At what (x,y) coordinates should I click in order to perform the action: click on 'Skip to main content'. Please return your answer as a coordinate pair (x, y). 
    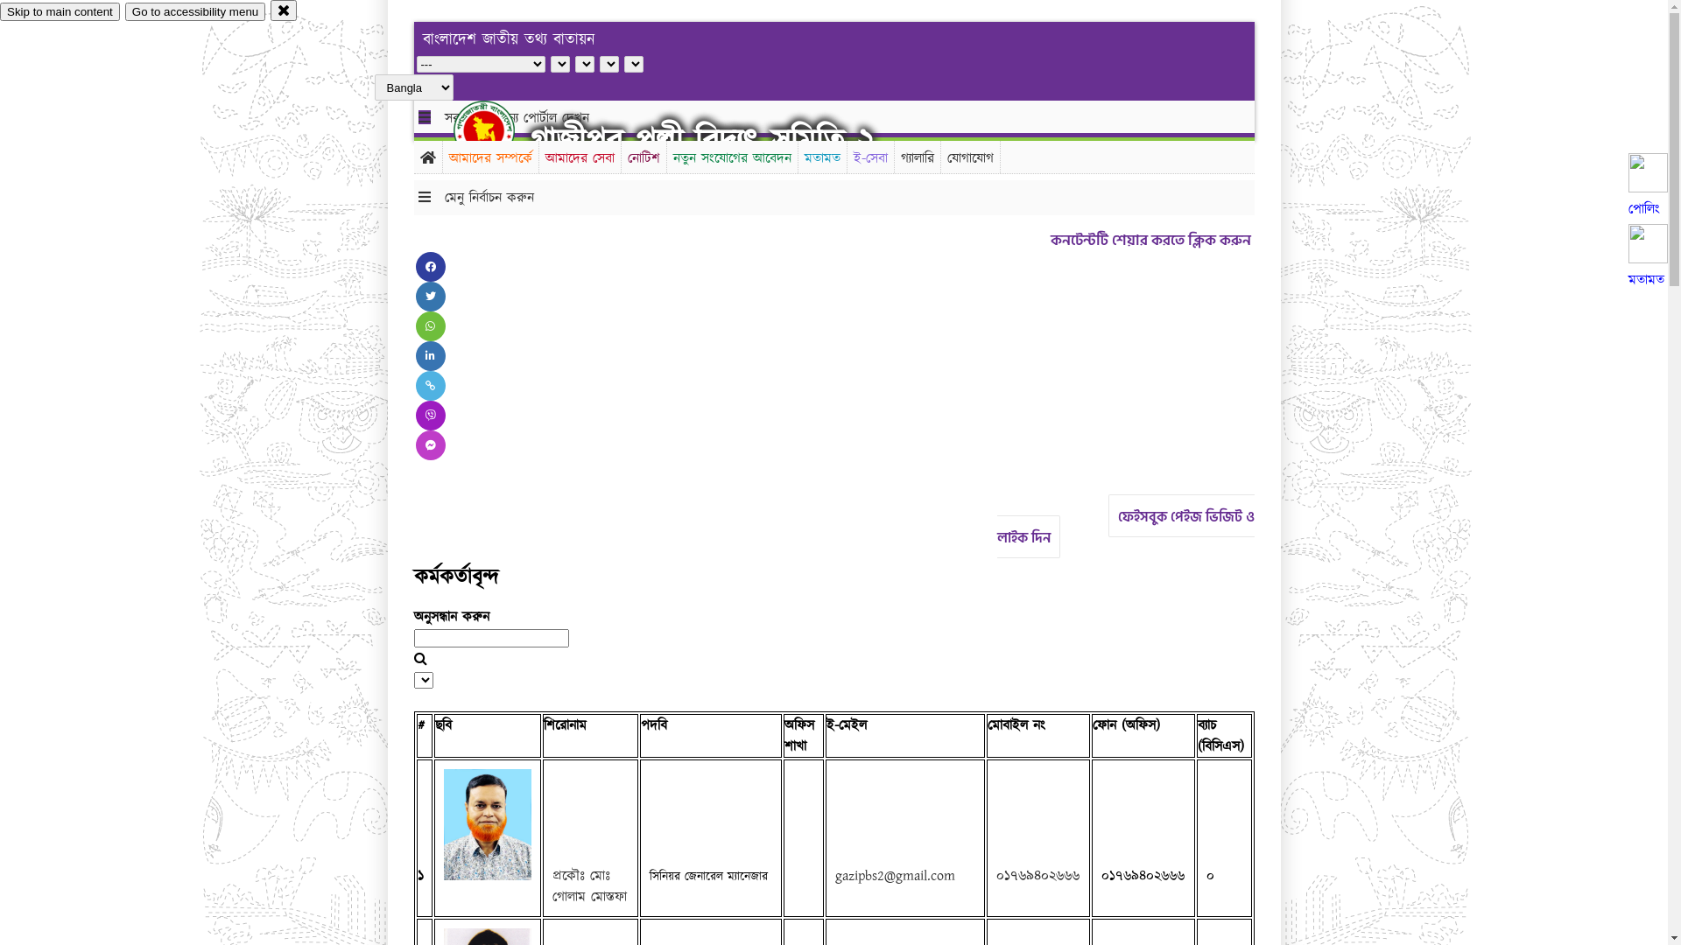
    Looking at the image, I should click on (60, 11).